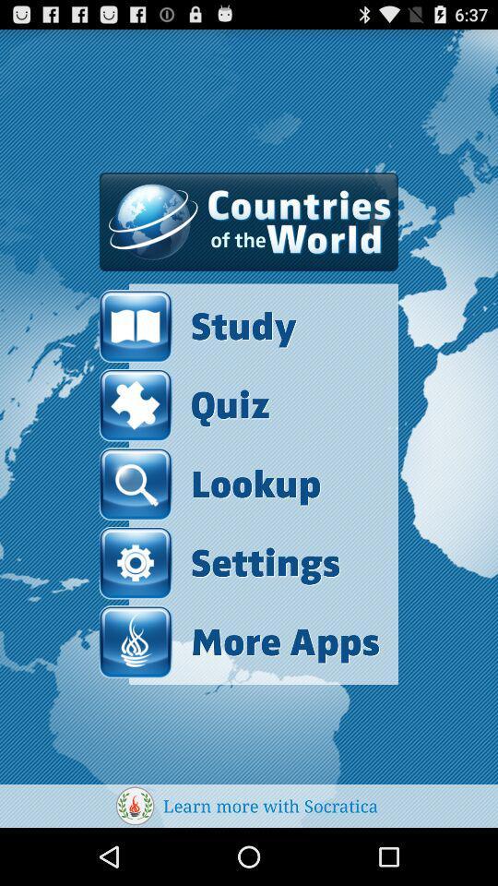 Image resolution: width=498 pixels, height=886 pixels. Describe the element at coordinates (219, 562) in the screenshot. I see `item below lookup` at that location.